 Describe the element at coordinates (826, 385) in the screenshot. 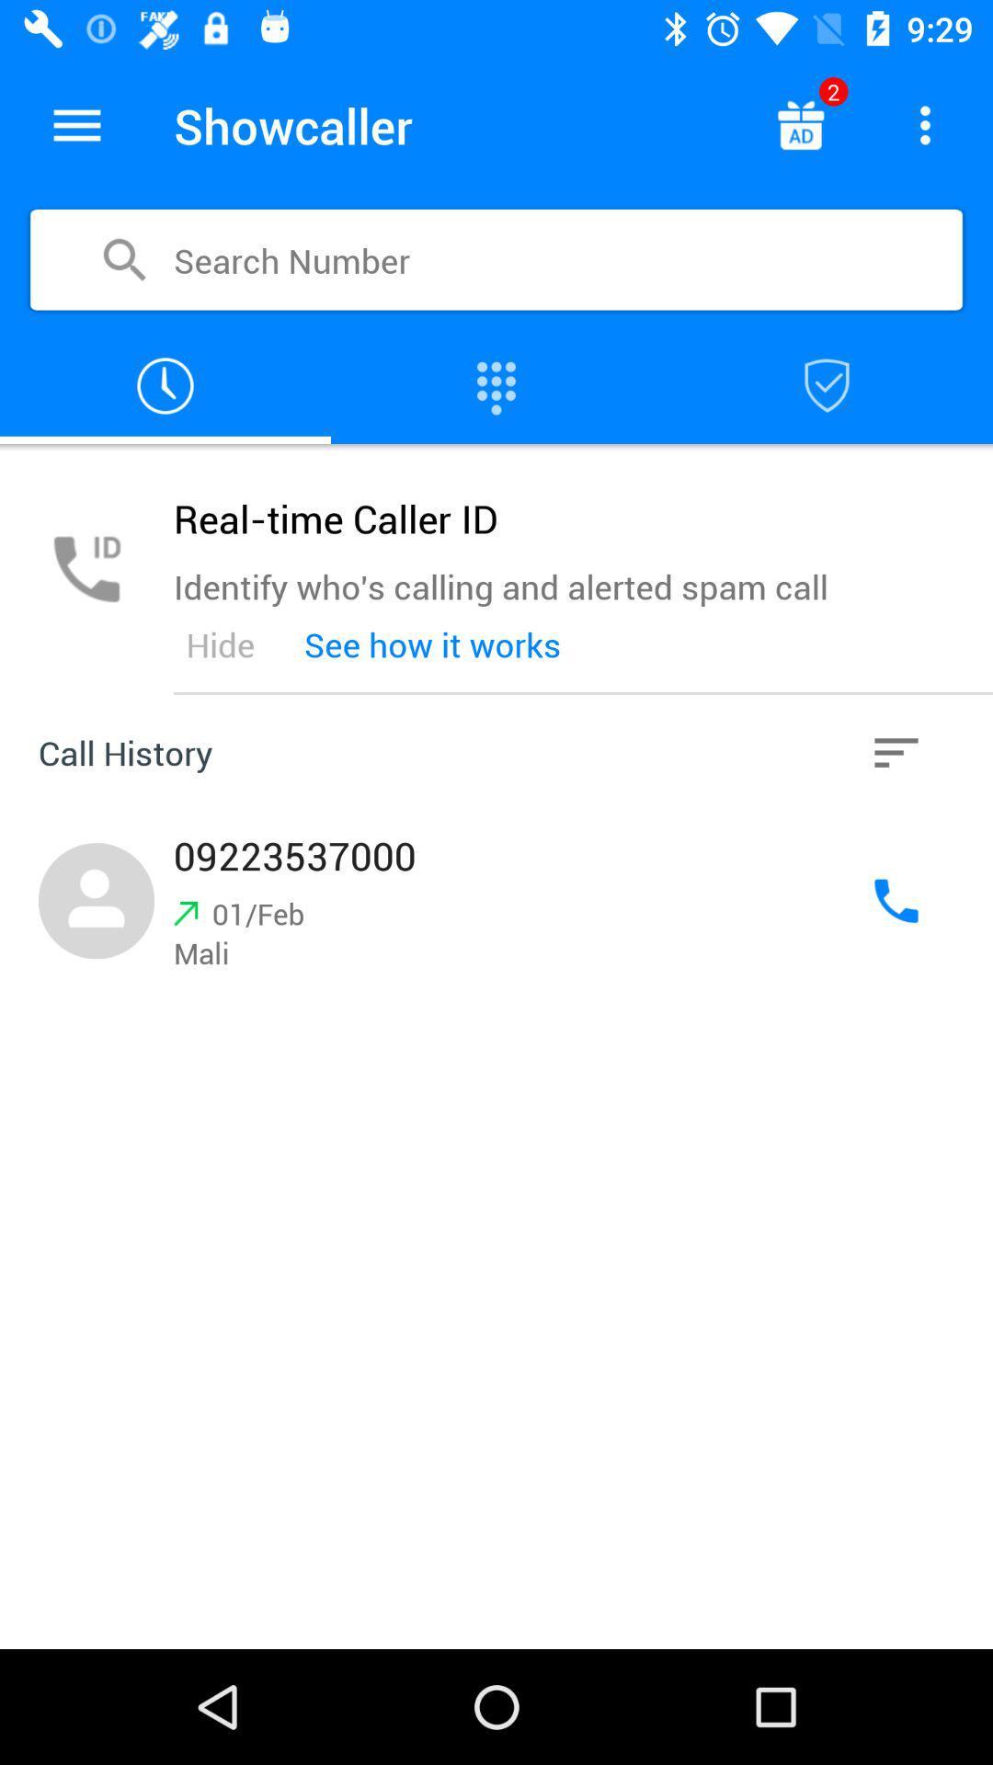

I see `opens the app 's contacts block list` at that location.